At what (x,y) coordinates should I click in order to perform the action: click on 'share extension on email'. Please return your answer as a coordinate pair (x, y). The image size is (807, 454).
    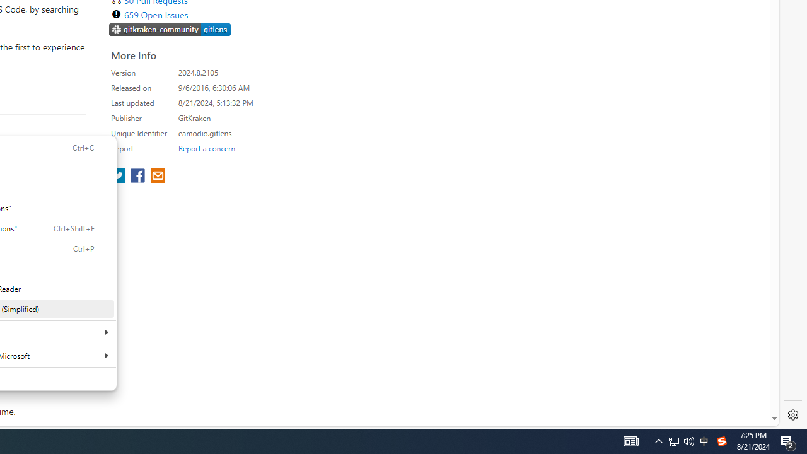
    Looking at the image, I should click on (156, 177).